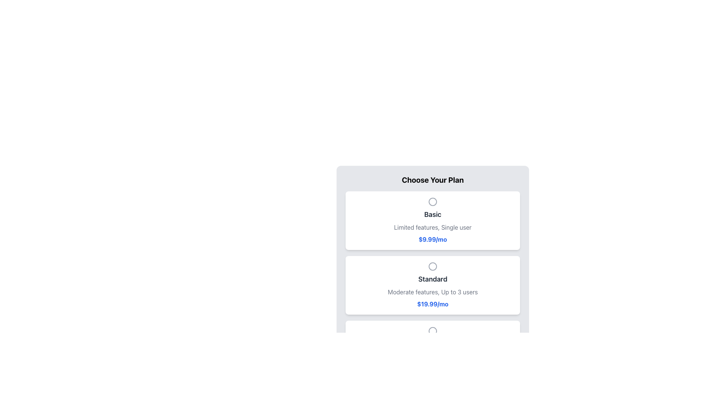 The height and width of the screenshot is (406, 722). Describe the element at coordinates (433, 291) in the screenshot. I see `the Text Label describing the features of the 'Standard' plan, located beneath the title 'Standard' and above the price '$19.99/mo'` at that location.